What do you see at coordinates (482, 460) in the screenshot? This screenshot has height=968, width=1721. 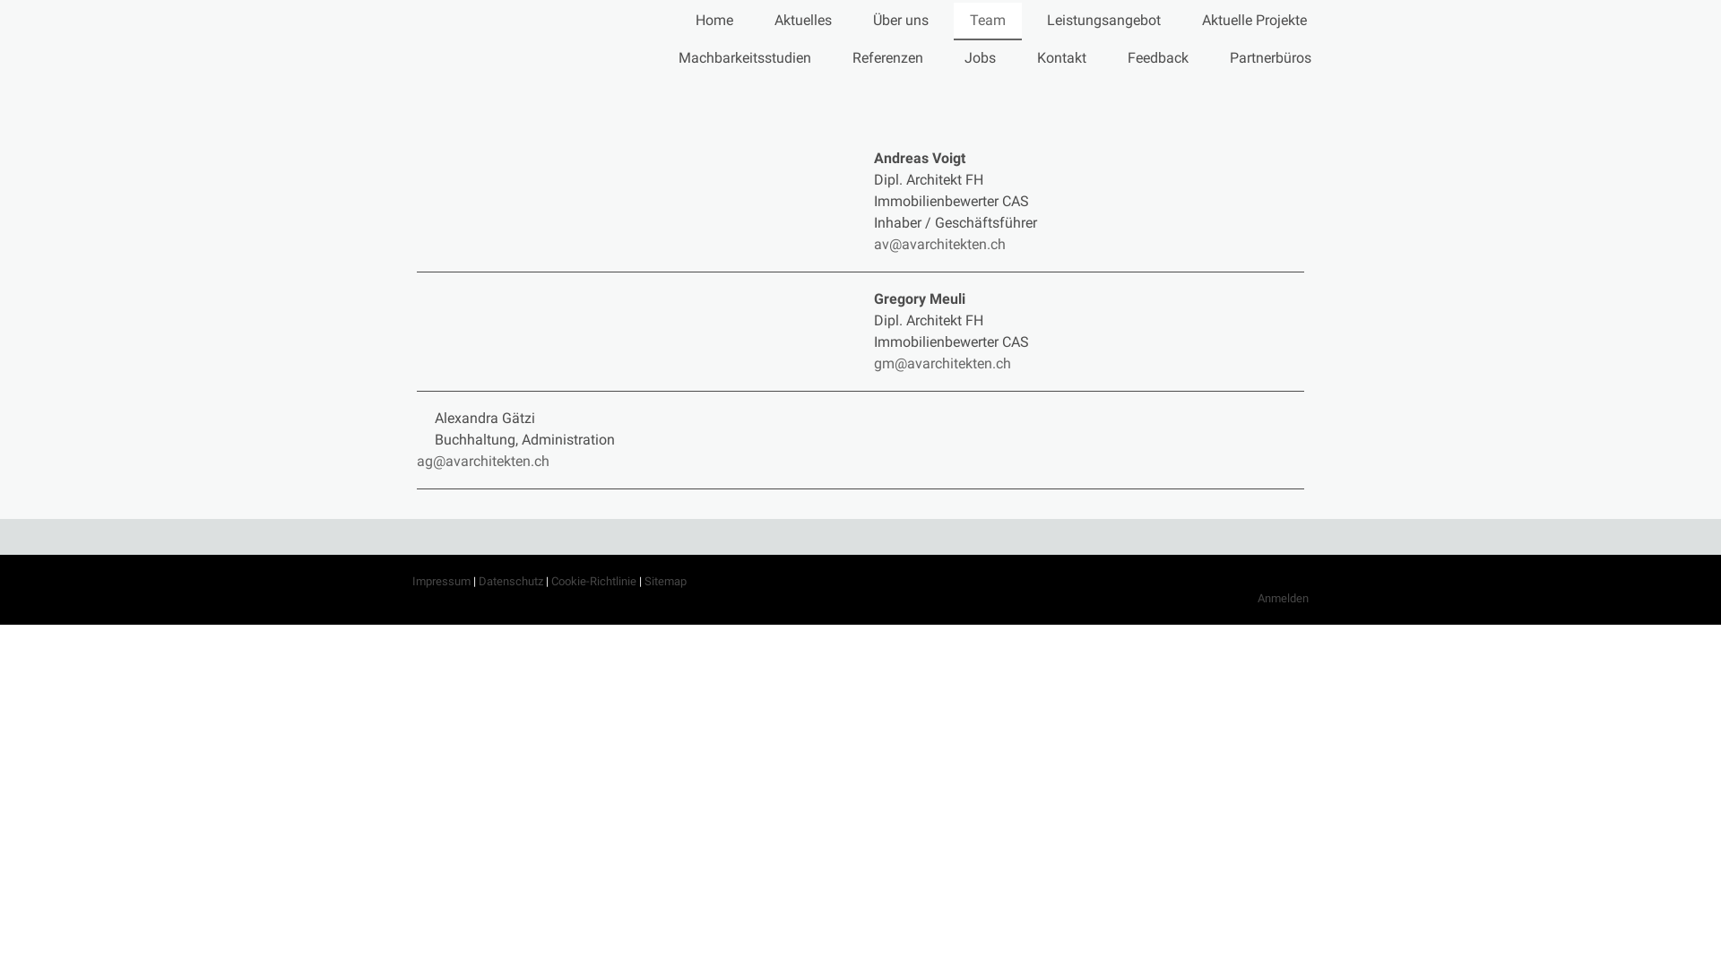 I see `'ag@avarchitekten.ch'` at bounding box center [482, 460].